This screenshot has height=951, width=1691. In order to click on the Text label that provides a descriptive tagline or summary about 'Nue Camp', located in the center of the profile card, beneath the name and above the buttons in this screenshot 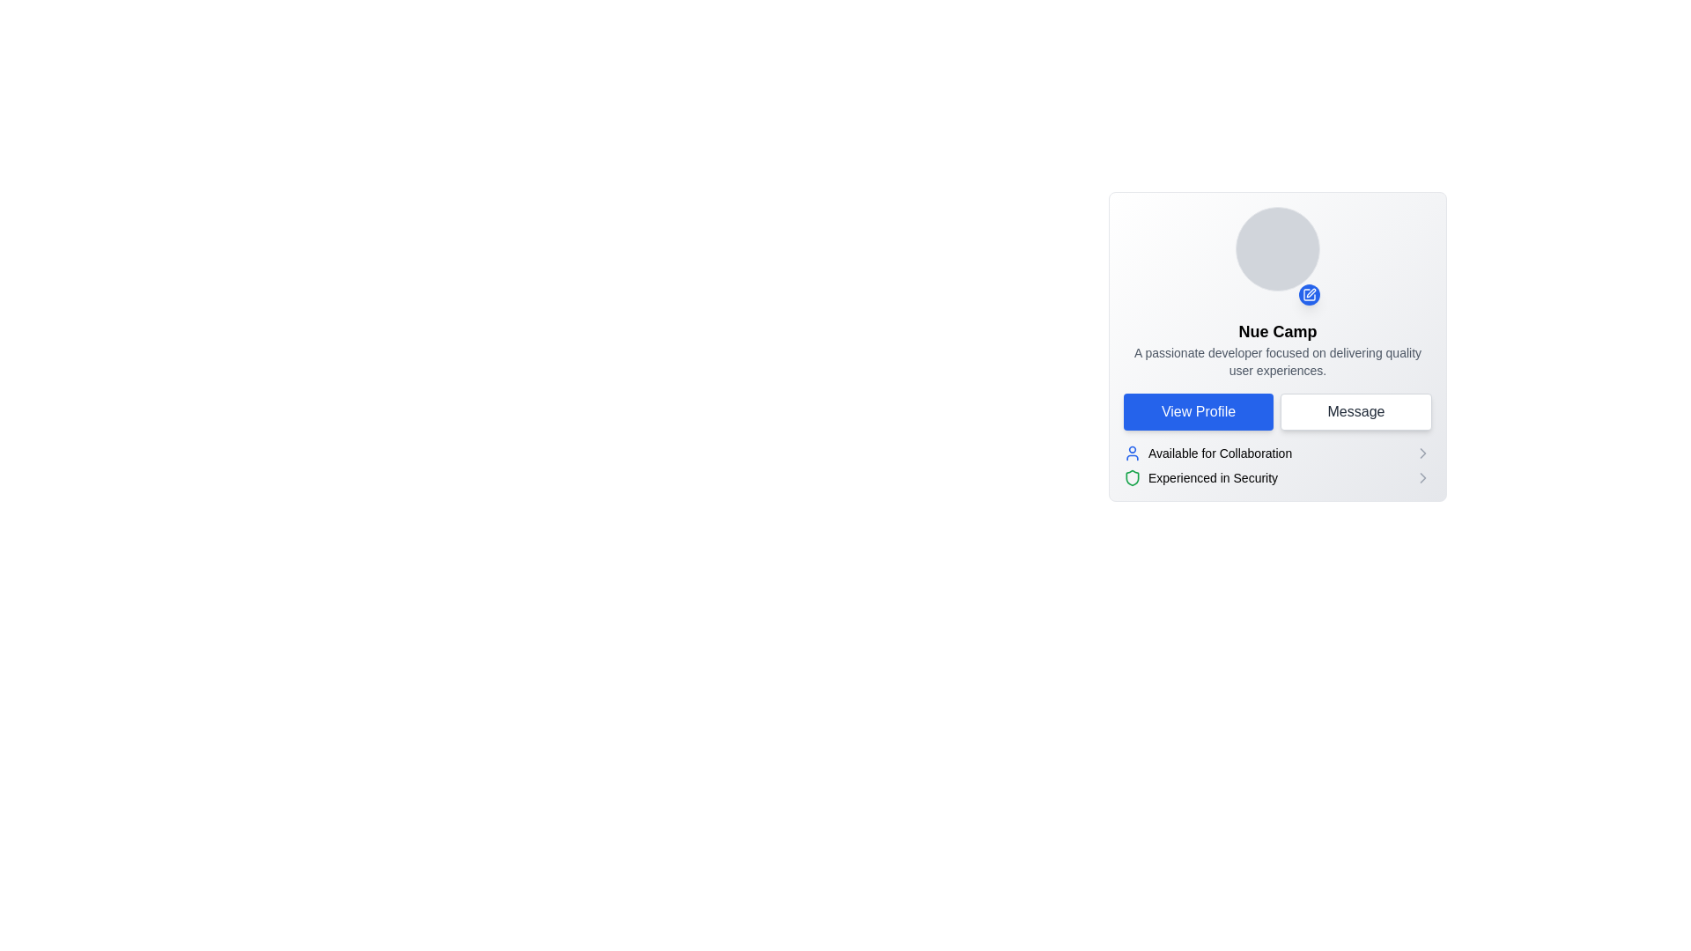, I will do `click(1277, 361)`.